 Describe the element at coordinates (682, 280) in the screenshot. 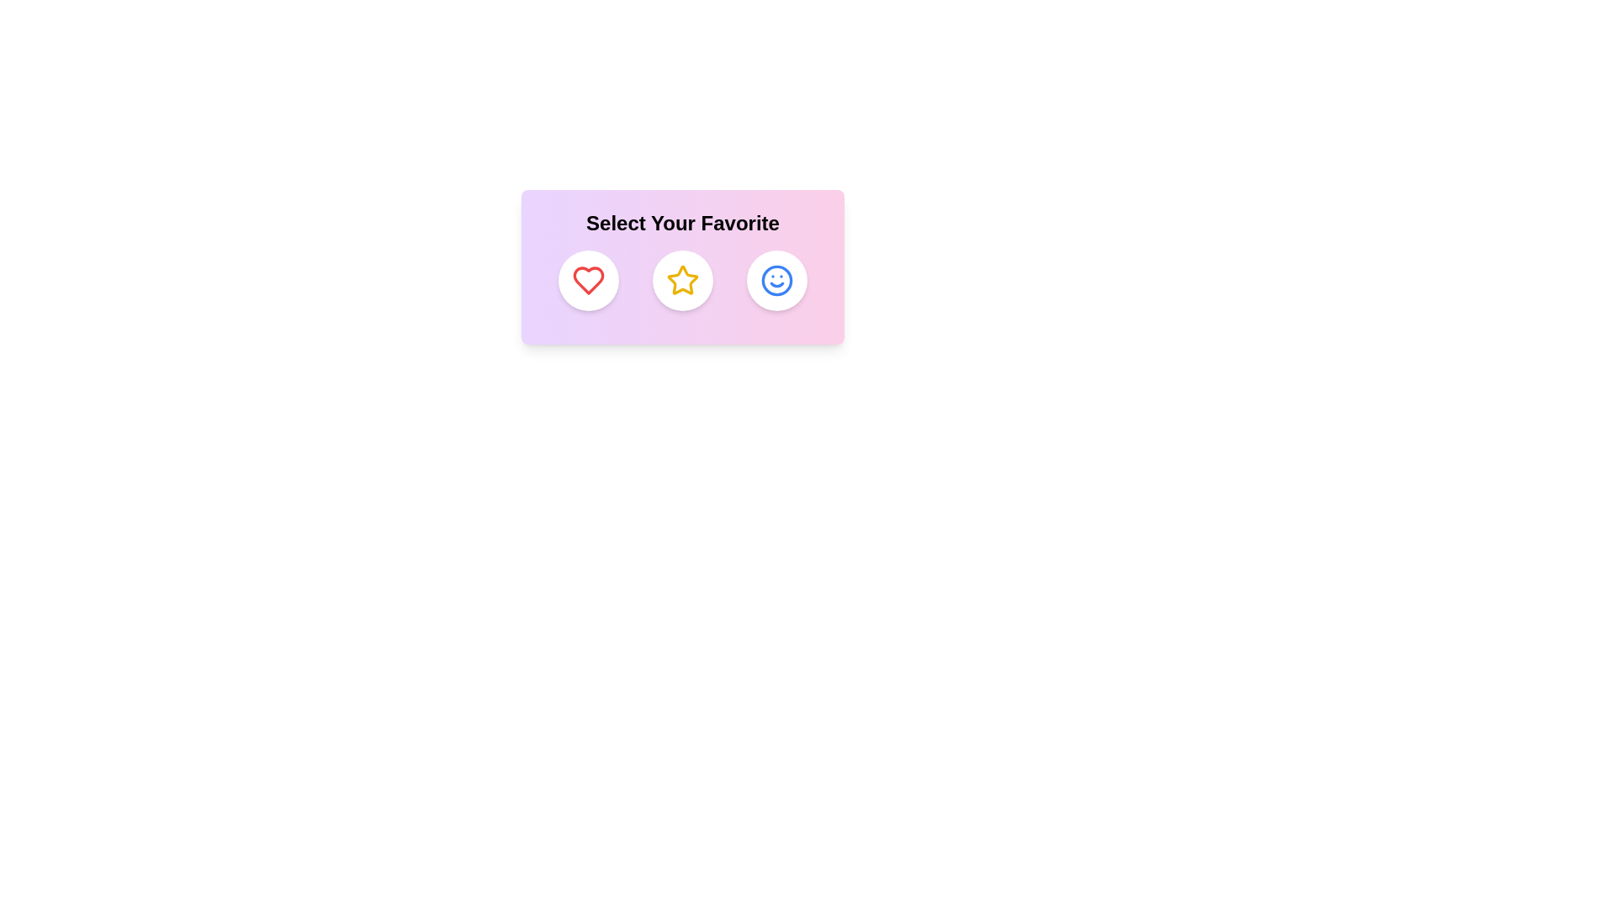

I see `the Star icon to observe its hover effect` at that location.